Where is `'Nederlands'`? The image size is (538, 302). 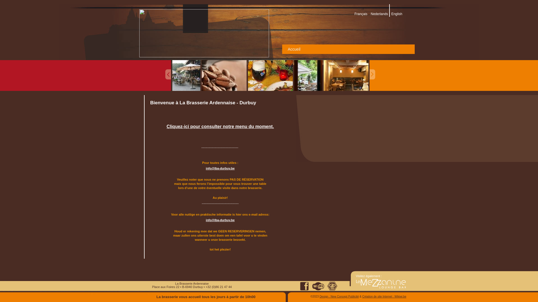 'Nederlands' is located at coordinates (371, 14).